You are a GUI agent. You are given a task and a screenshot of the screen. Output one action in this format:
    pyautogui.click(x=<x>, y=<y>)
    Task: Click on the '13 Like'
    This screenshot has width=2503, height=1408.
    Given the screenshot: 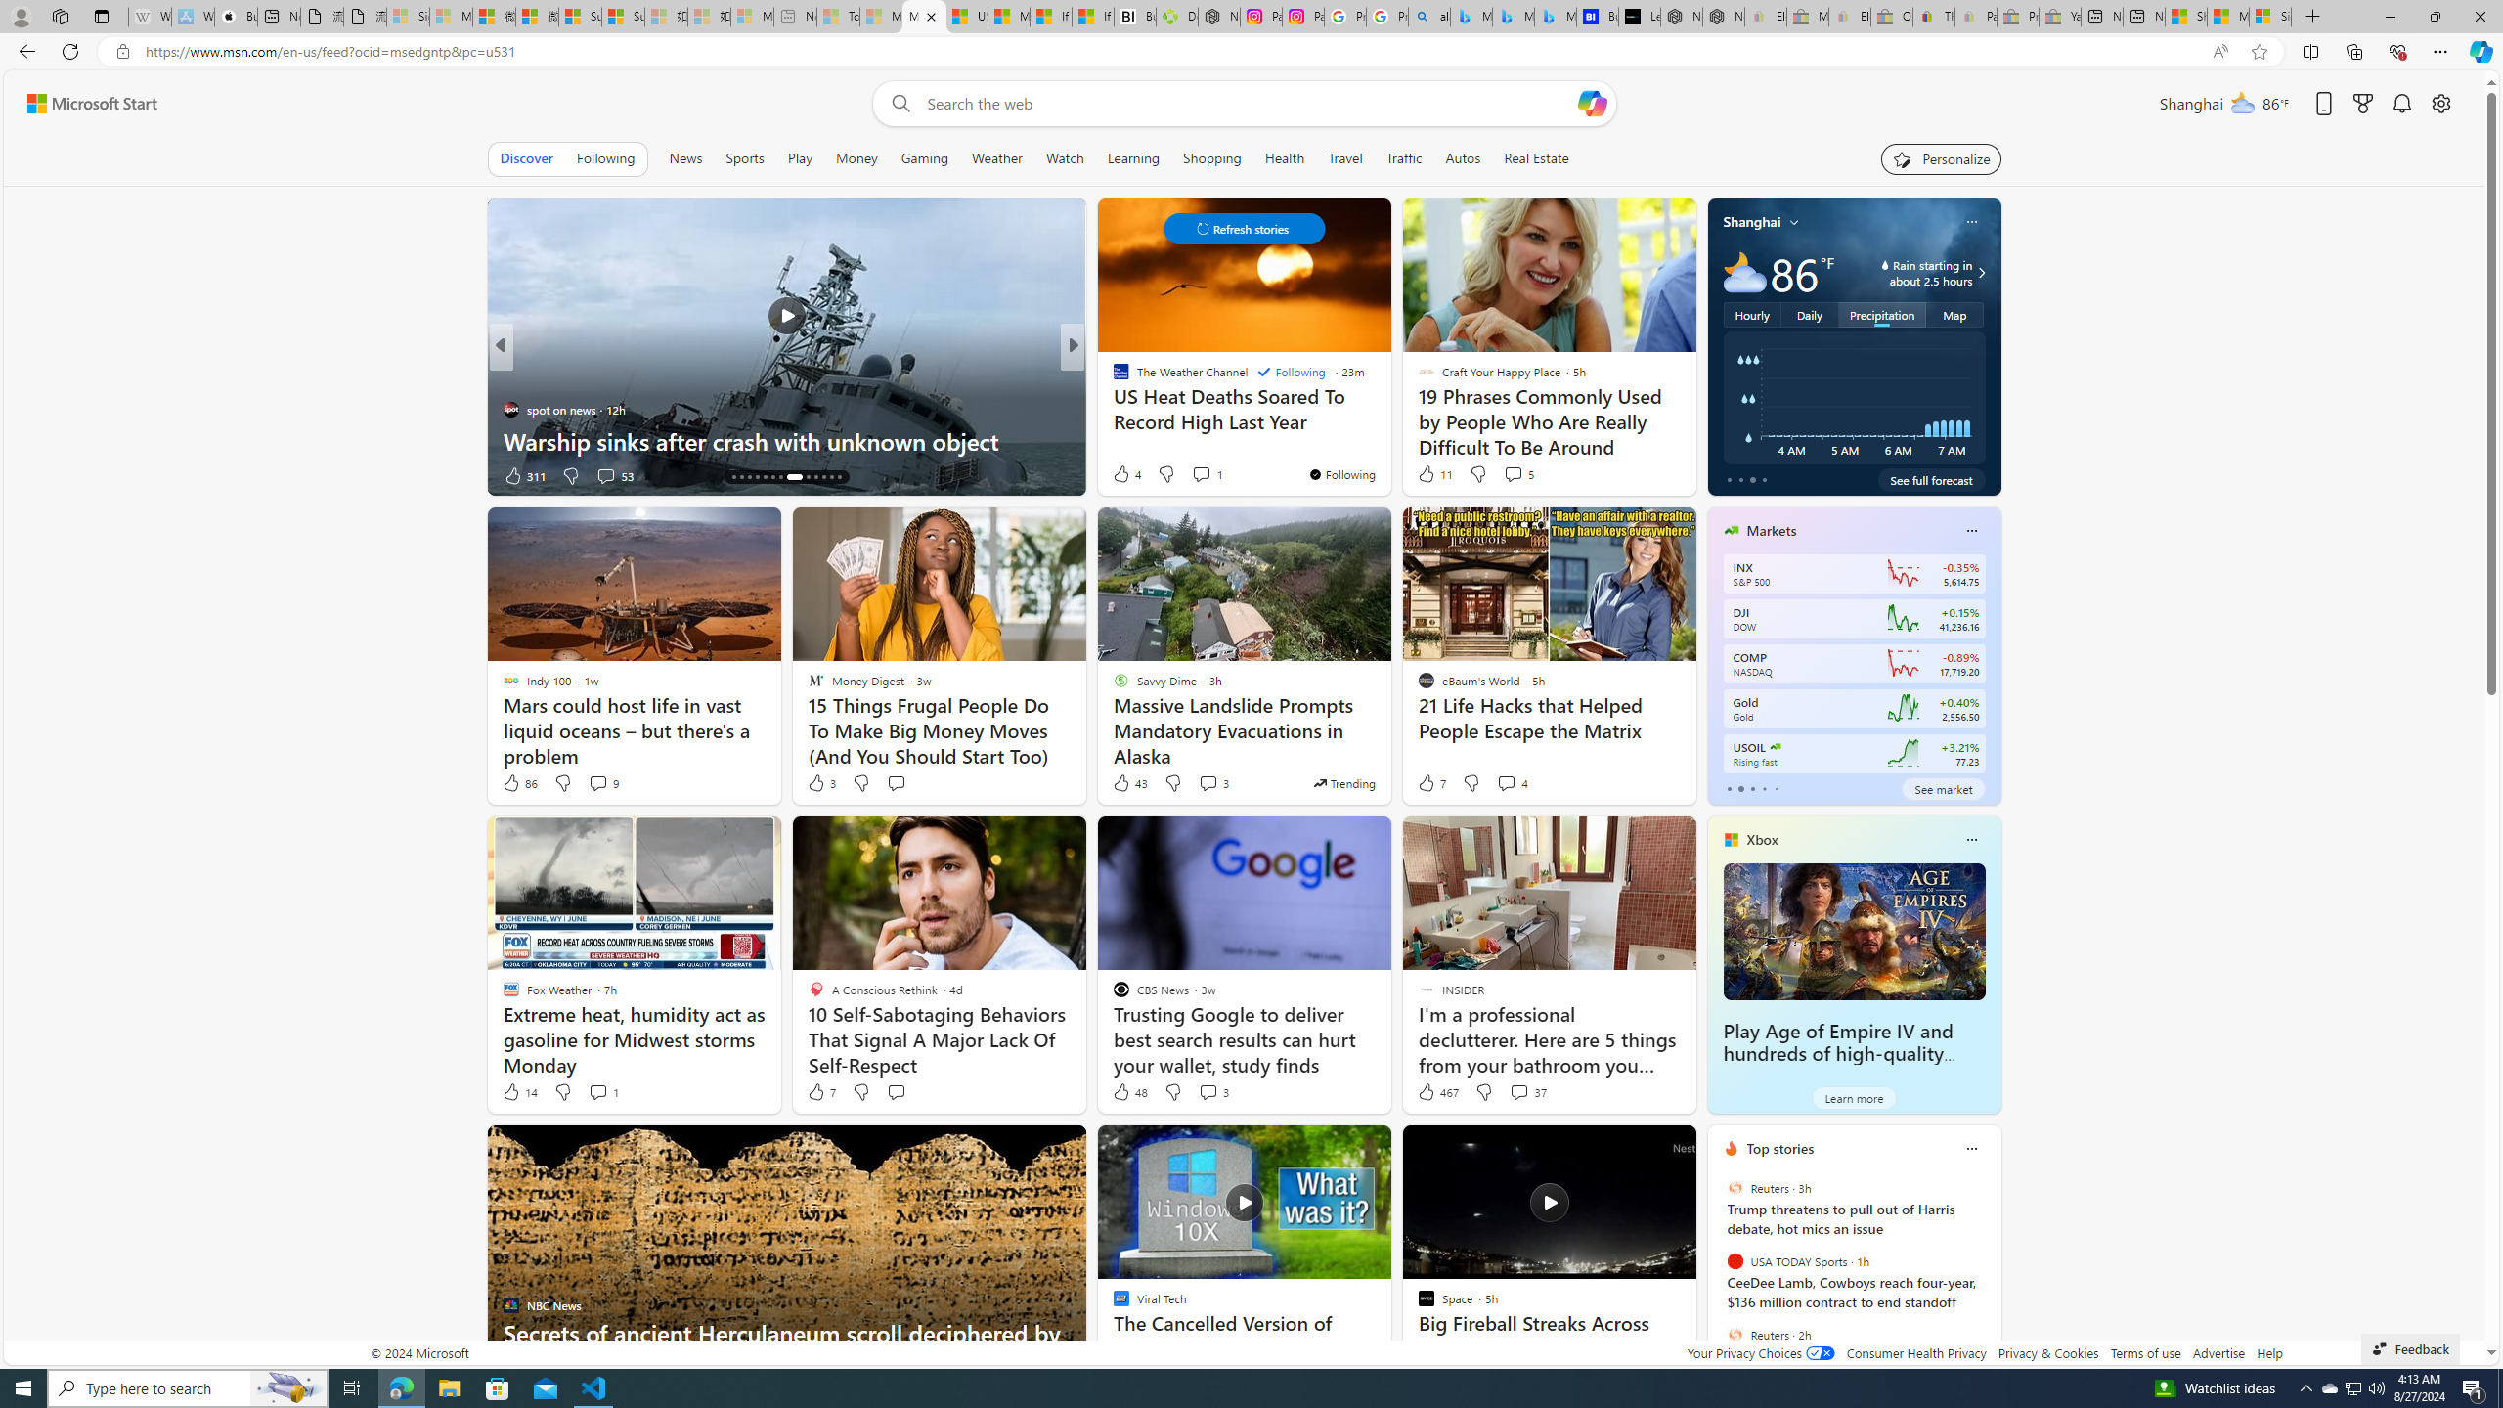 What is the action you would take?
    pyautogui.click(x=1121, y=475)
    